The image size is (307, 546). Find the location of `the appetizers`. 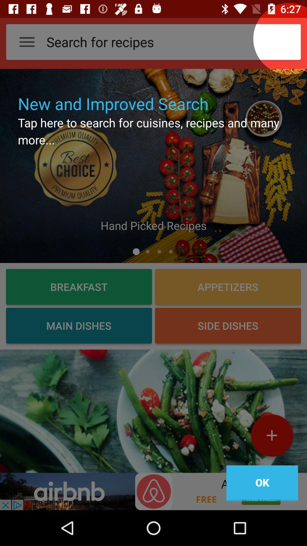

the appetizers is located at coordinates (228, 287).